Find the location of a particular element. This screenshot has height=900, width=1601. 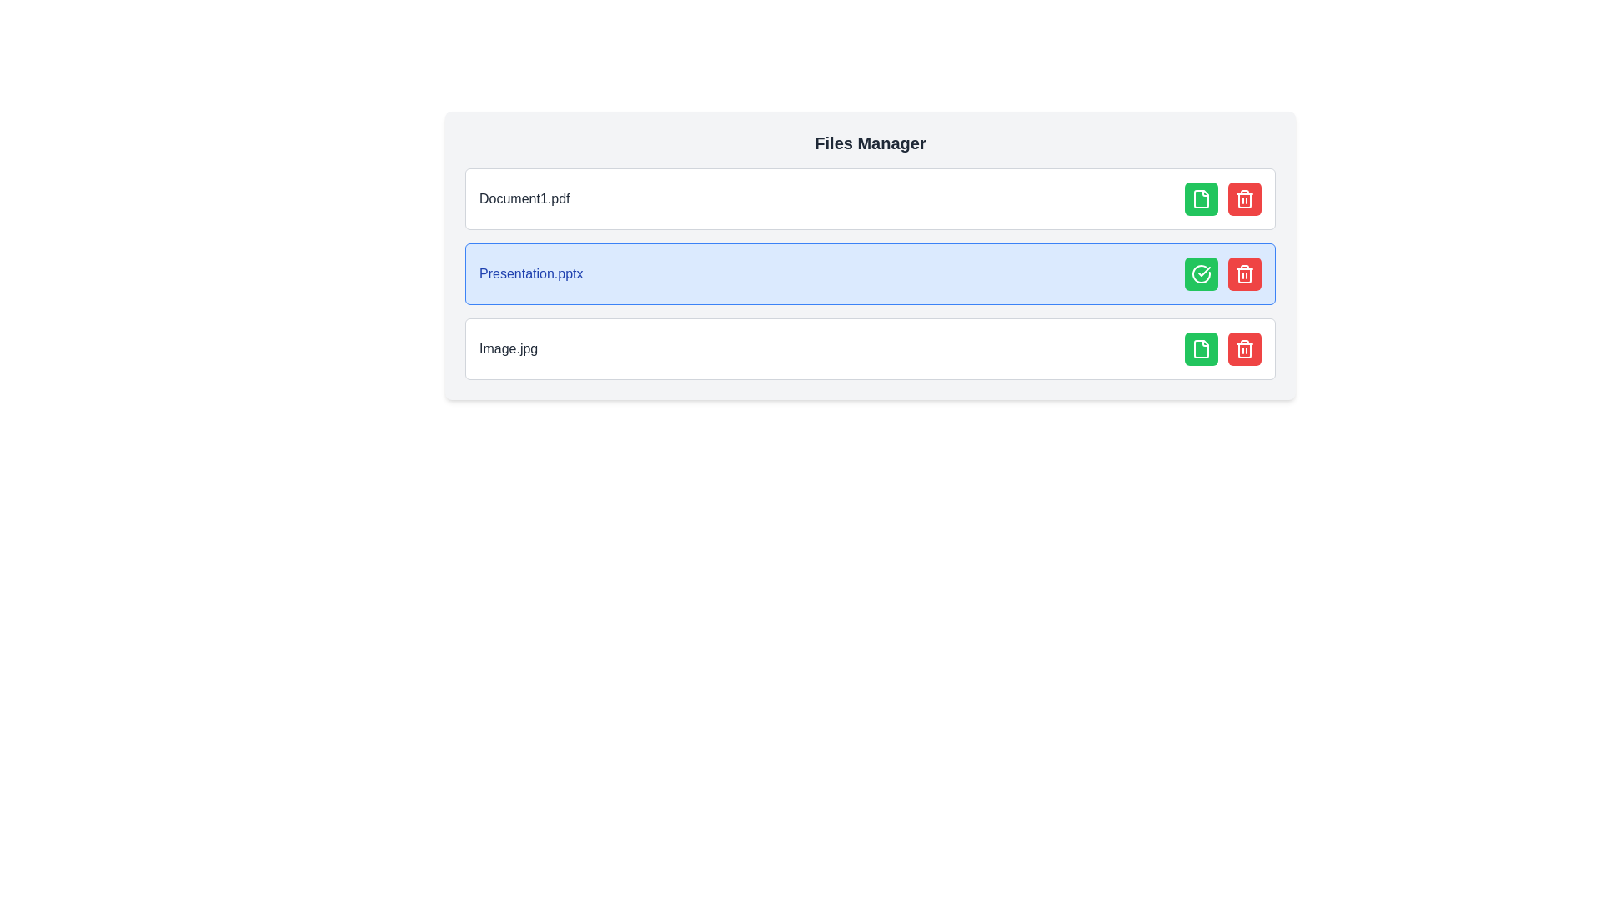

the document icon within the green rounded button located in the top-right part of the row labeled 'Image.jpg' is located at coordinates (1201, 198).